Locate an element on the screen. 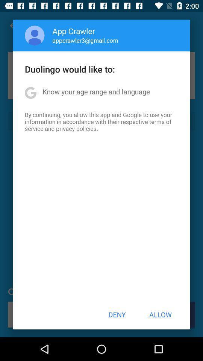 This screenshot has height=361, width=203. item next to the app crawler item is located at coordinates (34, 35).